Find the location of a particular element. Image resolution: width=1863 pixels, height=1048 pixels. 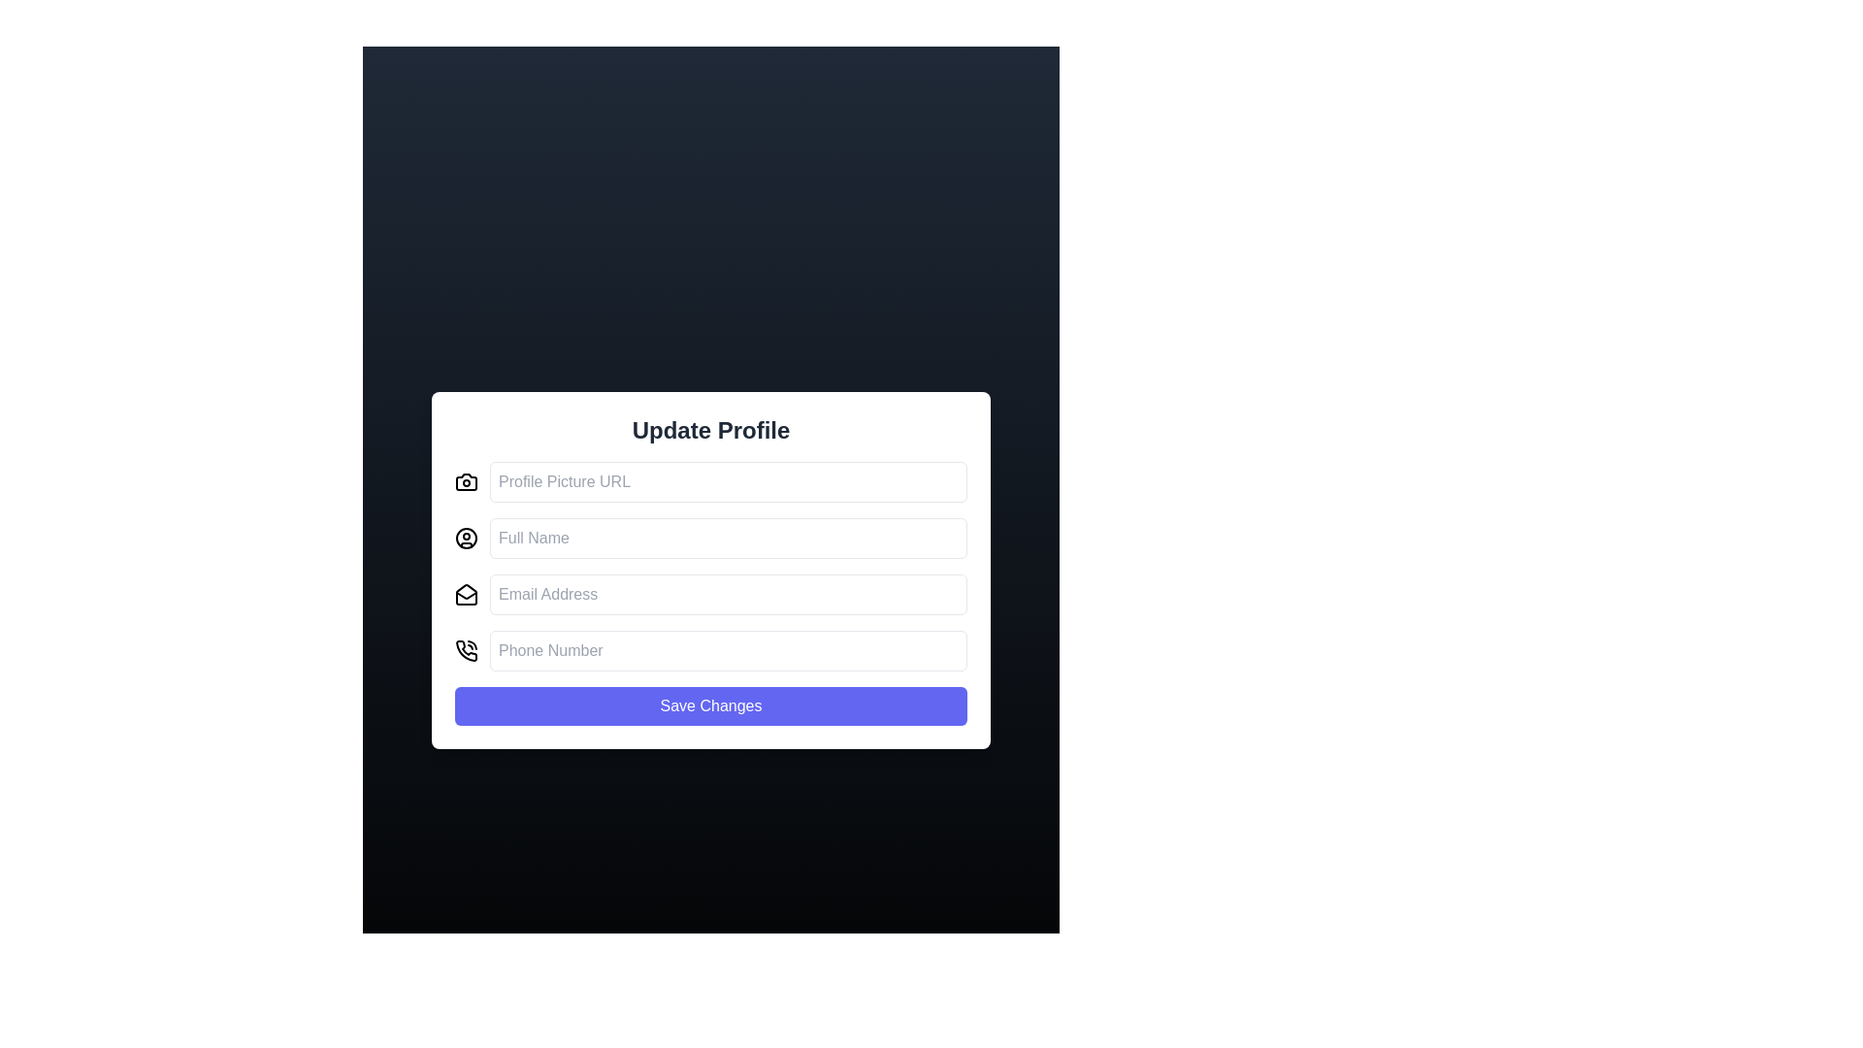

the camera icon that visually indicates the input field for the Profile Picture URL, located at the top-left corner of the input field is located at coordinates (466, 481).